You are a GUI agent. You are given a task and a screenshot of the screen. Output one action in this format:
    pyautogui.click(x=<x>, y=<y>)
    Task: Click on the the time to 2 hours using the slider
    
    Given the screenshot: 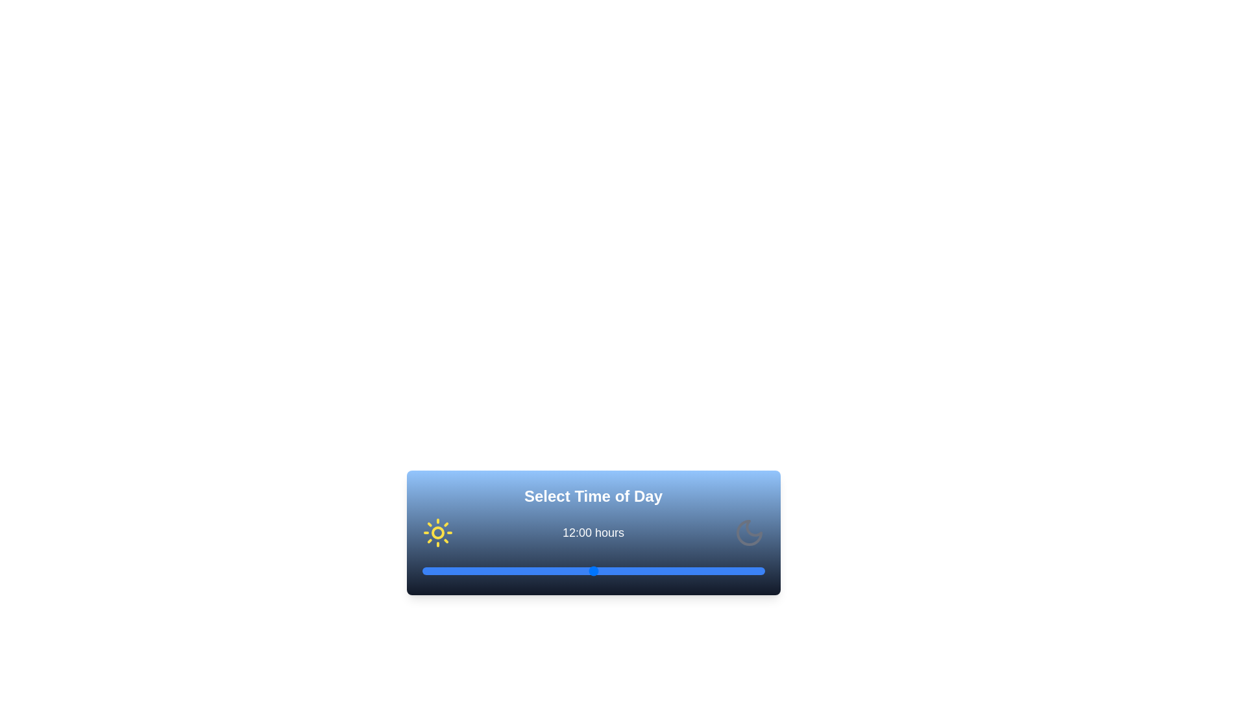 What is the action you would take?
    pyautogui.click(x=450, y=570)
    